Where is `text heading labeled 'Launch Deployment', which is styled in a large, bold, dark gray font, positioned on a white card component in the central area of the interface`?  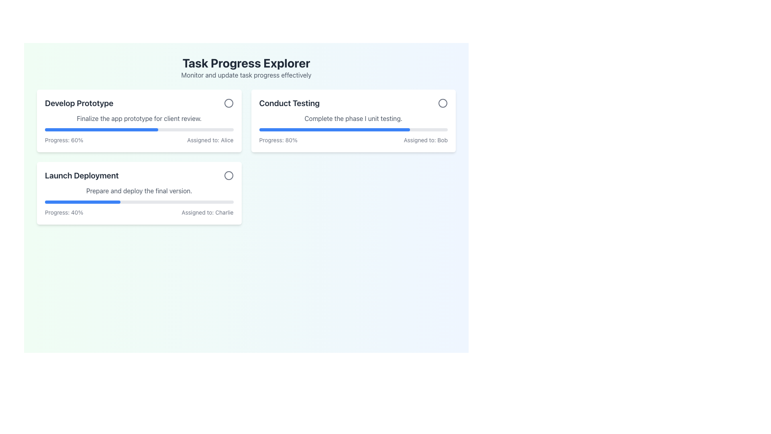 text heading labeled 'Launch Deployment', which is styled in a large, bold, dark gray font, positioned on a white card component in the central area of the interface is located at coordinates (82, 175).